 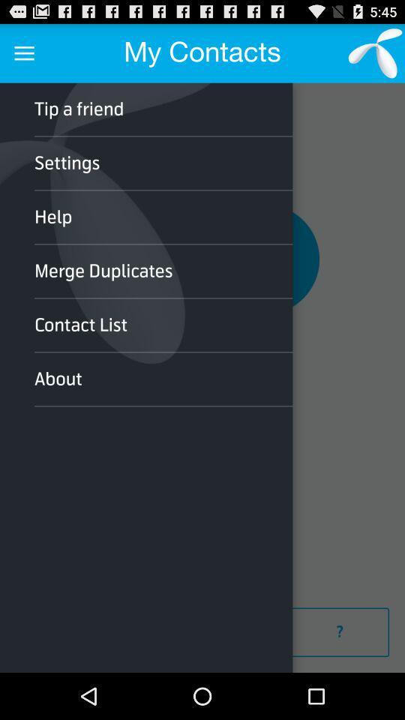 What do you see at coordinates (340, 631) in the screenshot?
I see `go to` at bounding box center [340, 631].